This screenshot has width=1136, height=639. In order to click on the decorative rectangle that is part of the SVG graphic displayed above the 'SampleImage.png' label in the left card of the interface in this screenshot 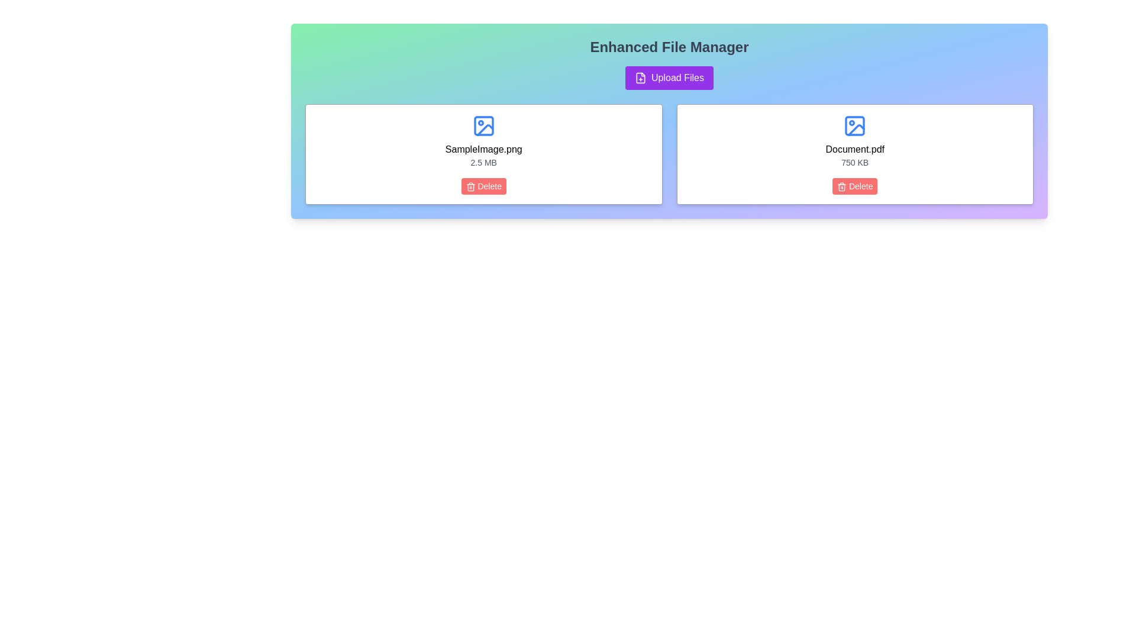, I will do `click(483, 125)`.